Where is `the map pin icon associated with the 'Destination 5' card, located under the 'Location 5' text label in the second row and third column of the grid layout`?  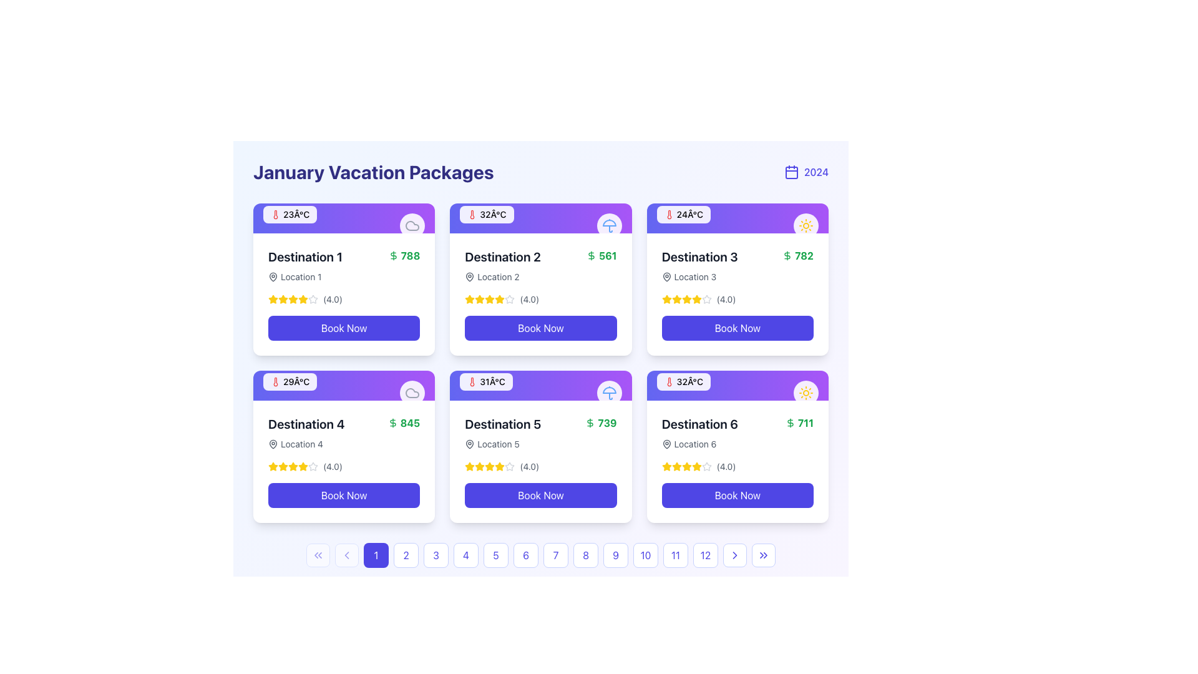 the map pin icon associated with the 'Destination 5' card, located under the 'Location 5' text label in the second row and third column of the grid layout is located at coordinates (469, 444).